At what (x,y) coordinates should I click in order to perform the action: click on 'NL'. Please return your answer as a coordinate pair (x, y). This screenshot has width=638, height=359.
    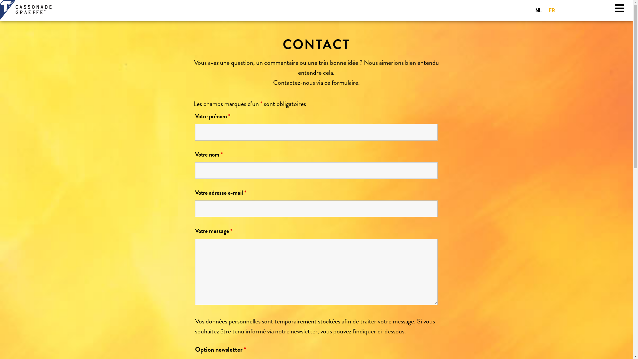
    Looking at the image, I should click on (539, 10).